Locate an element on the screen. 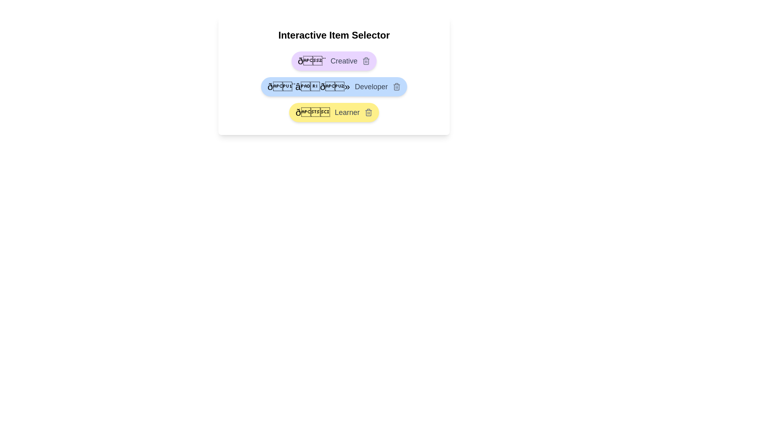 Image resolution: width=771 pixels, height=434 pixels. delete button for the item labeled Learner is located at coordinates (368, 113).